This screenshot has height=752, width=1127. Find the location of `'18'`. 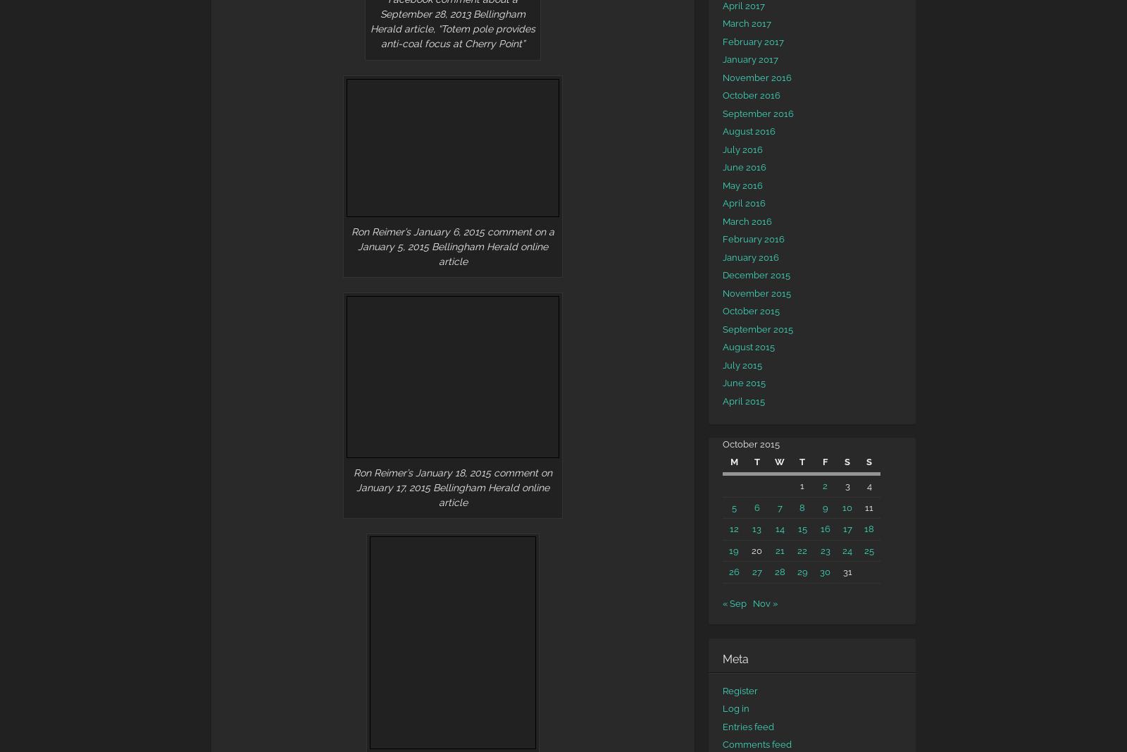

'18' is located at coordinates (868, 528).